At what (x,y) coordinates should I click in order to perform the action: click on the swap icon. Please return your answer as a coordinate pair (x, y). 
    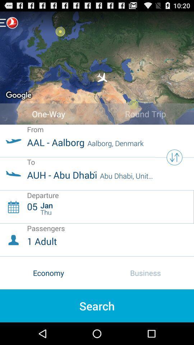
    Looking at the image, I should click on (174, 168).